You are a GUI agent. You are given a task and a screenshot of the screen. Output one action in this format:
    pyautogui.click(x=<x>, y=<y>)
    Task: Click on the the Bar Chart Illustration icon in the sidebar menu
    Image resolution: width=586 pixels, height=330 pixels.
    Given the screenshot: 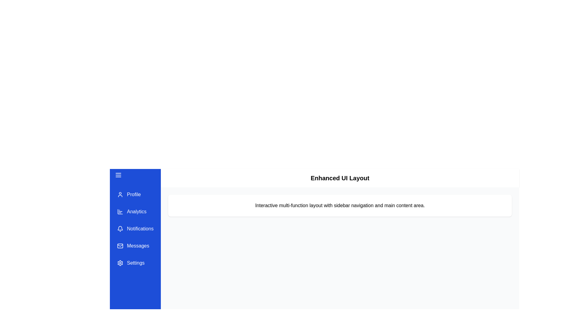 What is the action you would take?
    pyautogui.click(x=120, y=211)
    